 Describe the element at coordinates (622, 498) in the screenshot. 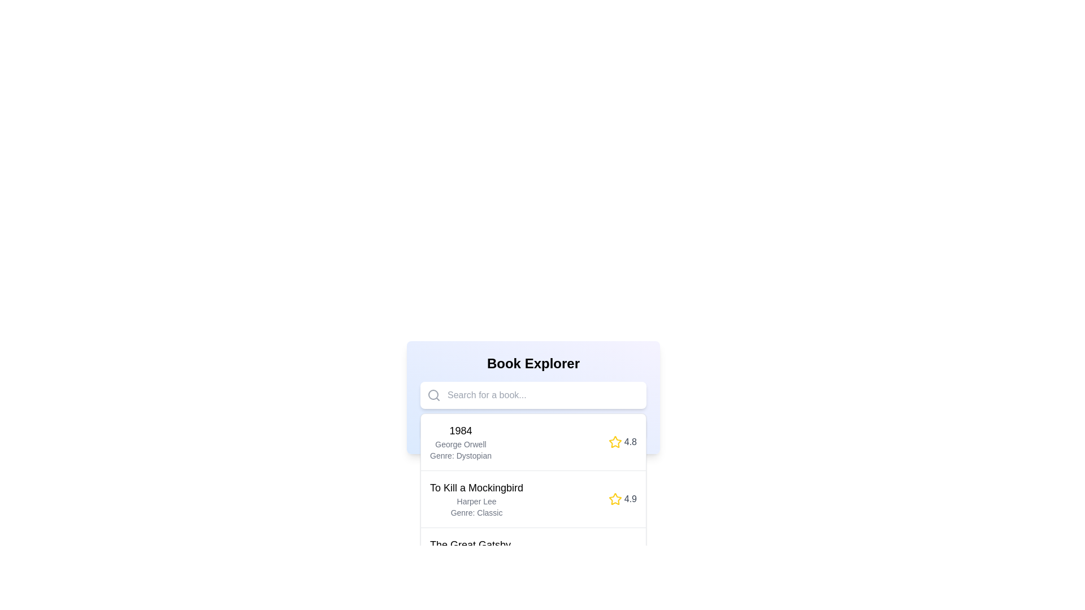

I see `the displayed rating value on the right side of the 'To Kill a Mockingbird' entry, which visually represents the book's user rating with an icon and numerical value` at that location.